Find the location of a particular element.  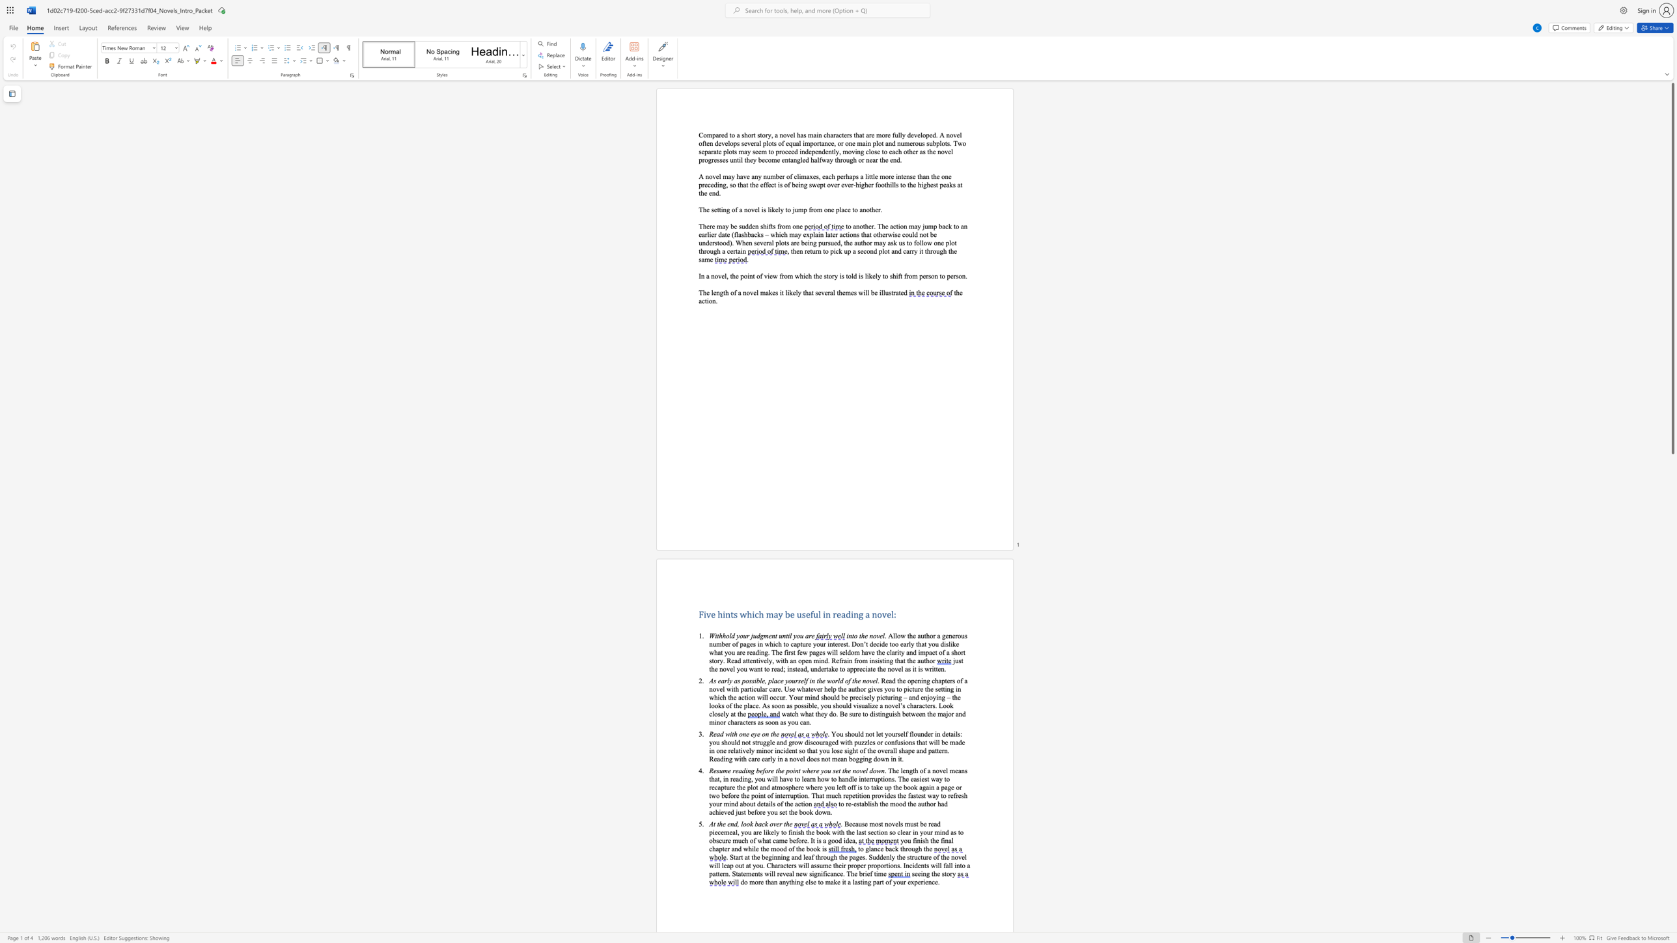

the subset text "book is" within the text "and while the mood of the book is" is located at coordinates (805, 848).